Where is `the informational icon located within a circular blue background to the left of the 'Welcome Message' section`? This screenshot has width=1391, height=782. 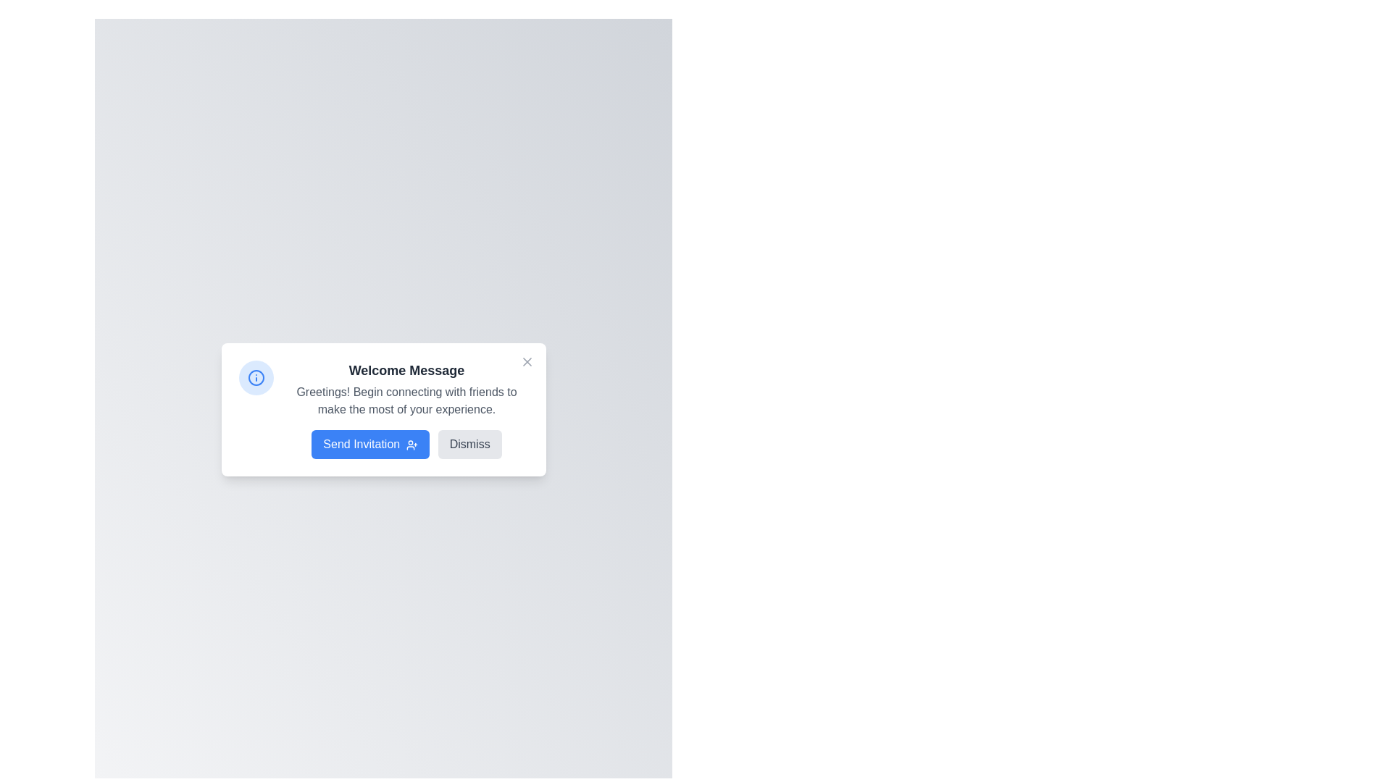
the informational icon located within a circular blue background to the left of the 'Welcome Message' section is located at coordinates (256, 377).